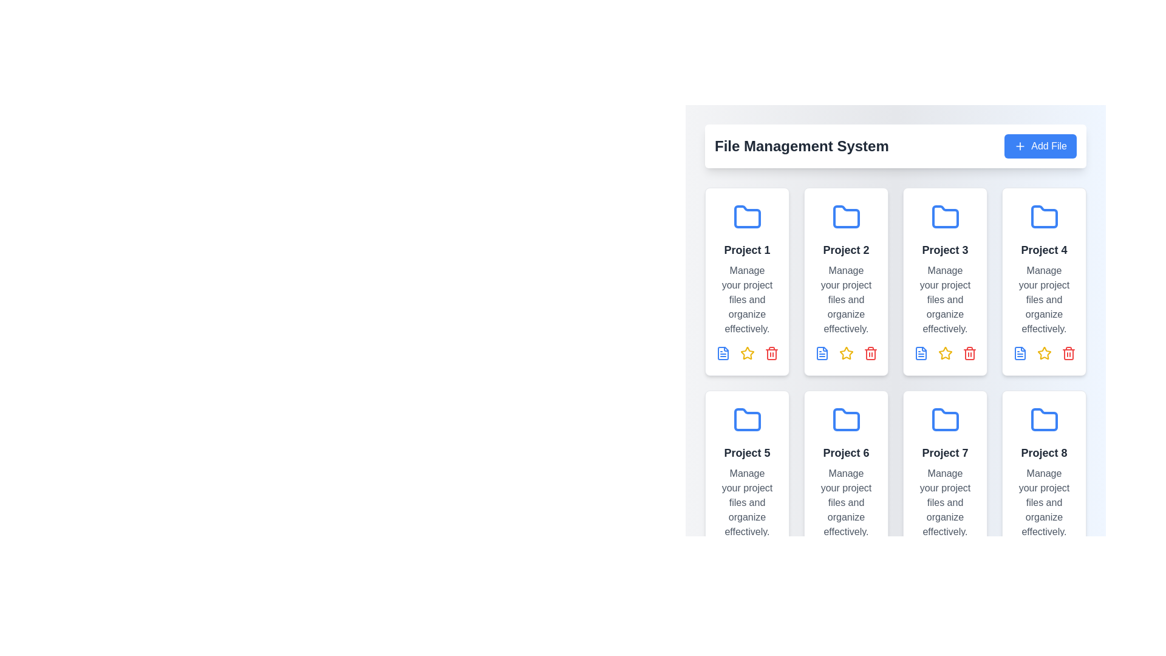 This screenshot has height=656, width=1166. What do you see at coordinates (870, 354) in the screenshot?
I see `the red trash can icon button located in the bottom-right corner of the 'Project 2' card` at bounding box center [870, 354].